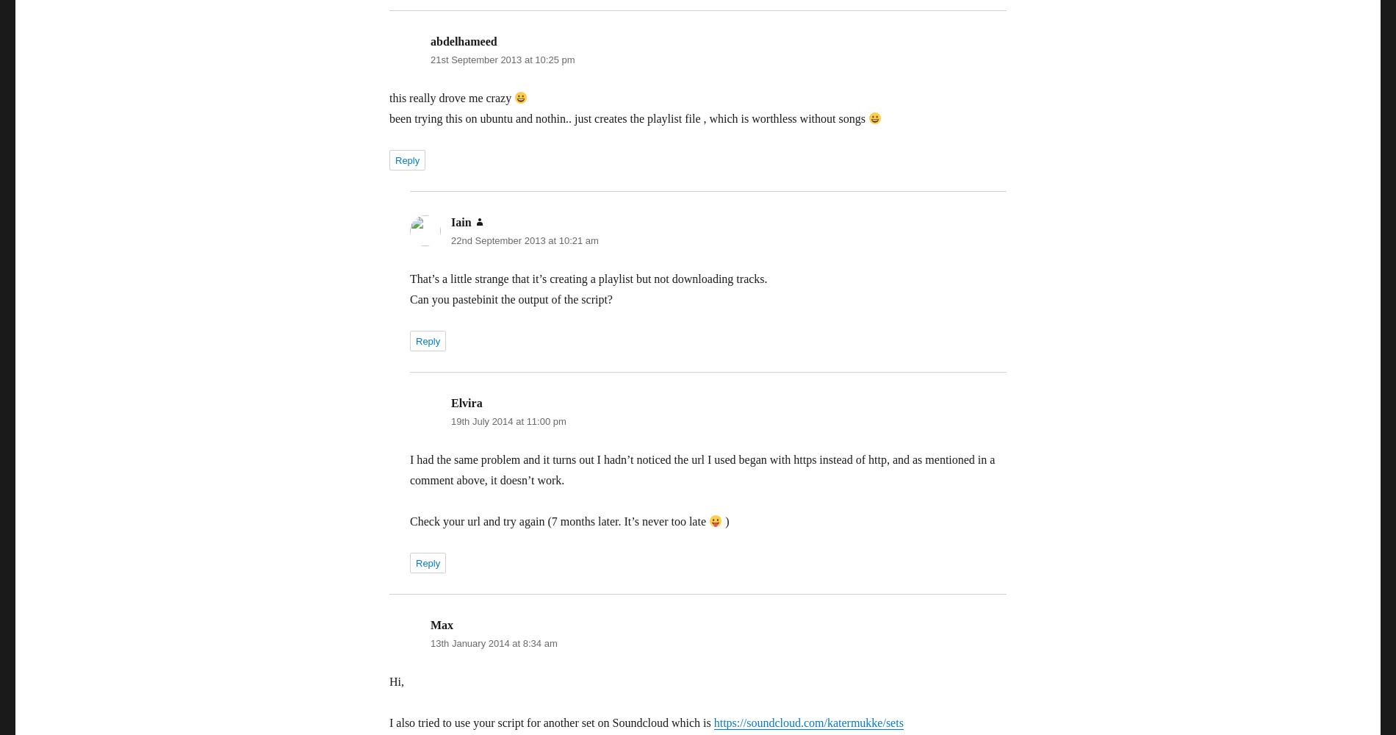 This screenshot has height=735, width=1396. What do you see at coordinates (451, 222) in the screenshot?
I see `'Iain'` at bounding box center [451, 222].